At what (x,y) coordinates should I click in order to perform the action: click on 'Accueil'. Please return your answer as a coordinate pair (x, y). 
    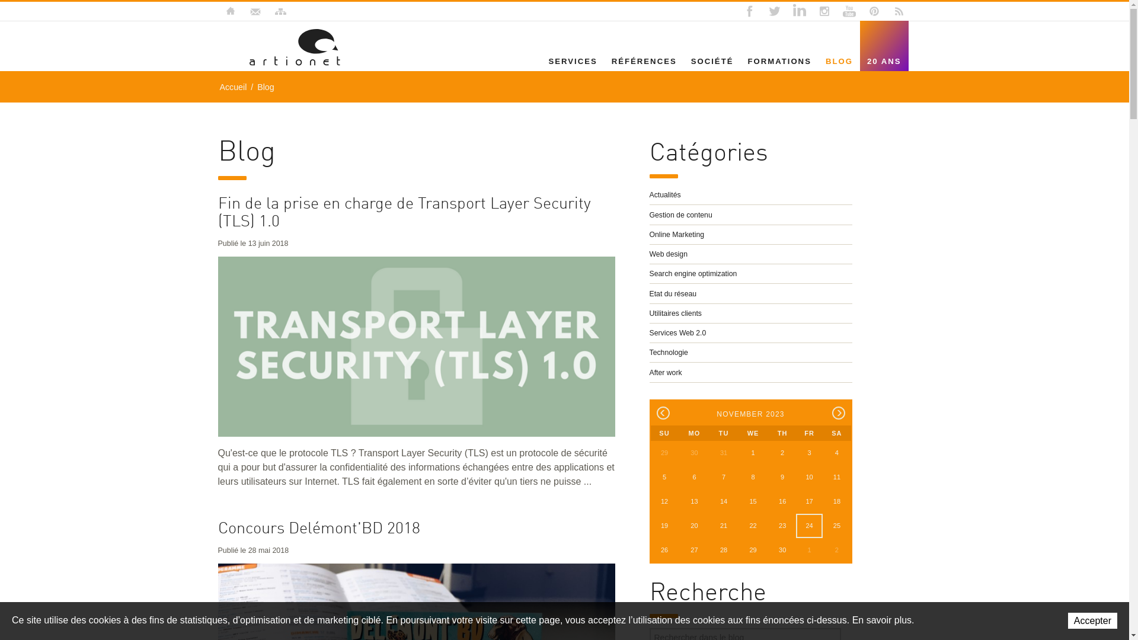
    Looking at the image, I should click on (233, 86).